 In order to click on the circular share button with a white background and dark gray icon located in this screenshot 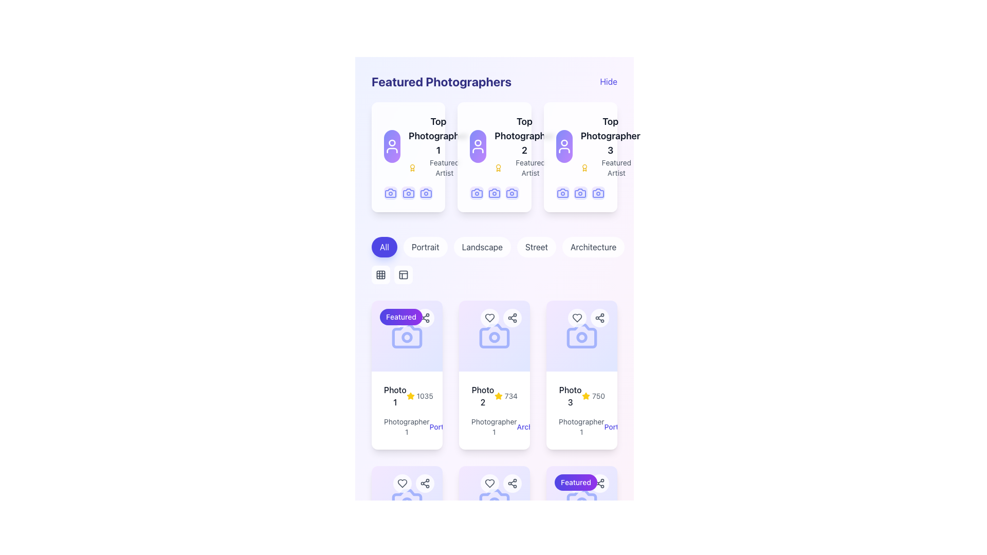, I will do `click(599, 317)`.